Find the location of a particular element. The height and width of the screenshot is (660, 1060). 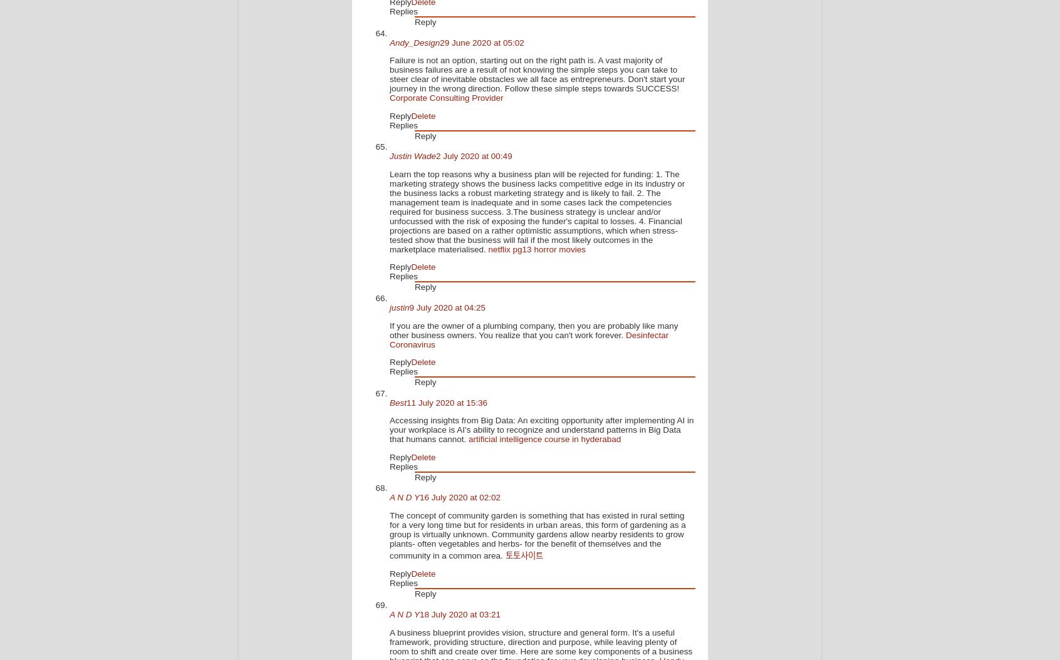

'The concept of community garden is something that has existed in rural setting for a very long time but for residents in urban areas, this form of gardening as a group is virtually unknown. Community gardens allow nearby residents to grow plants- often vegetables and herbs- for the benefit of themselves and the community in a common area.' is located at coordinates (388, 535).